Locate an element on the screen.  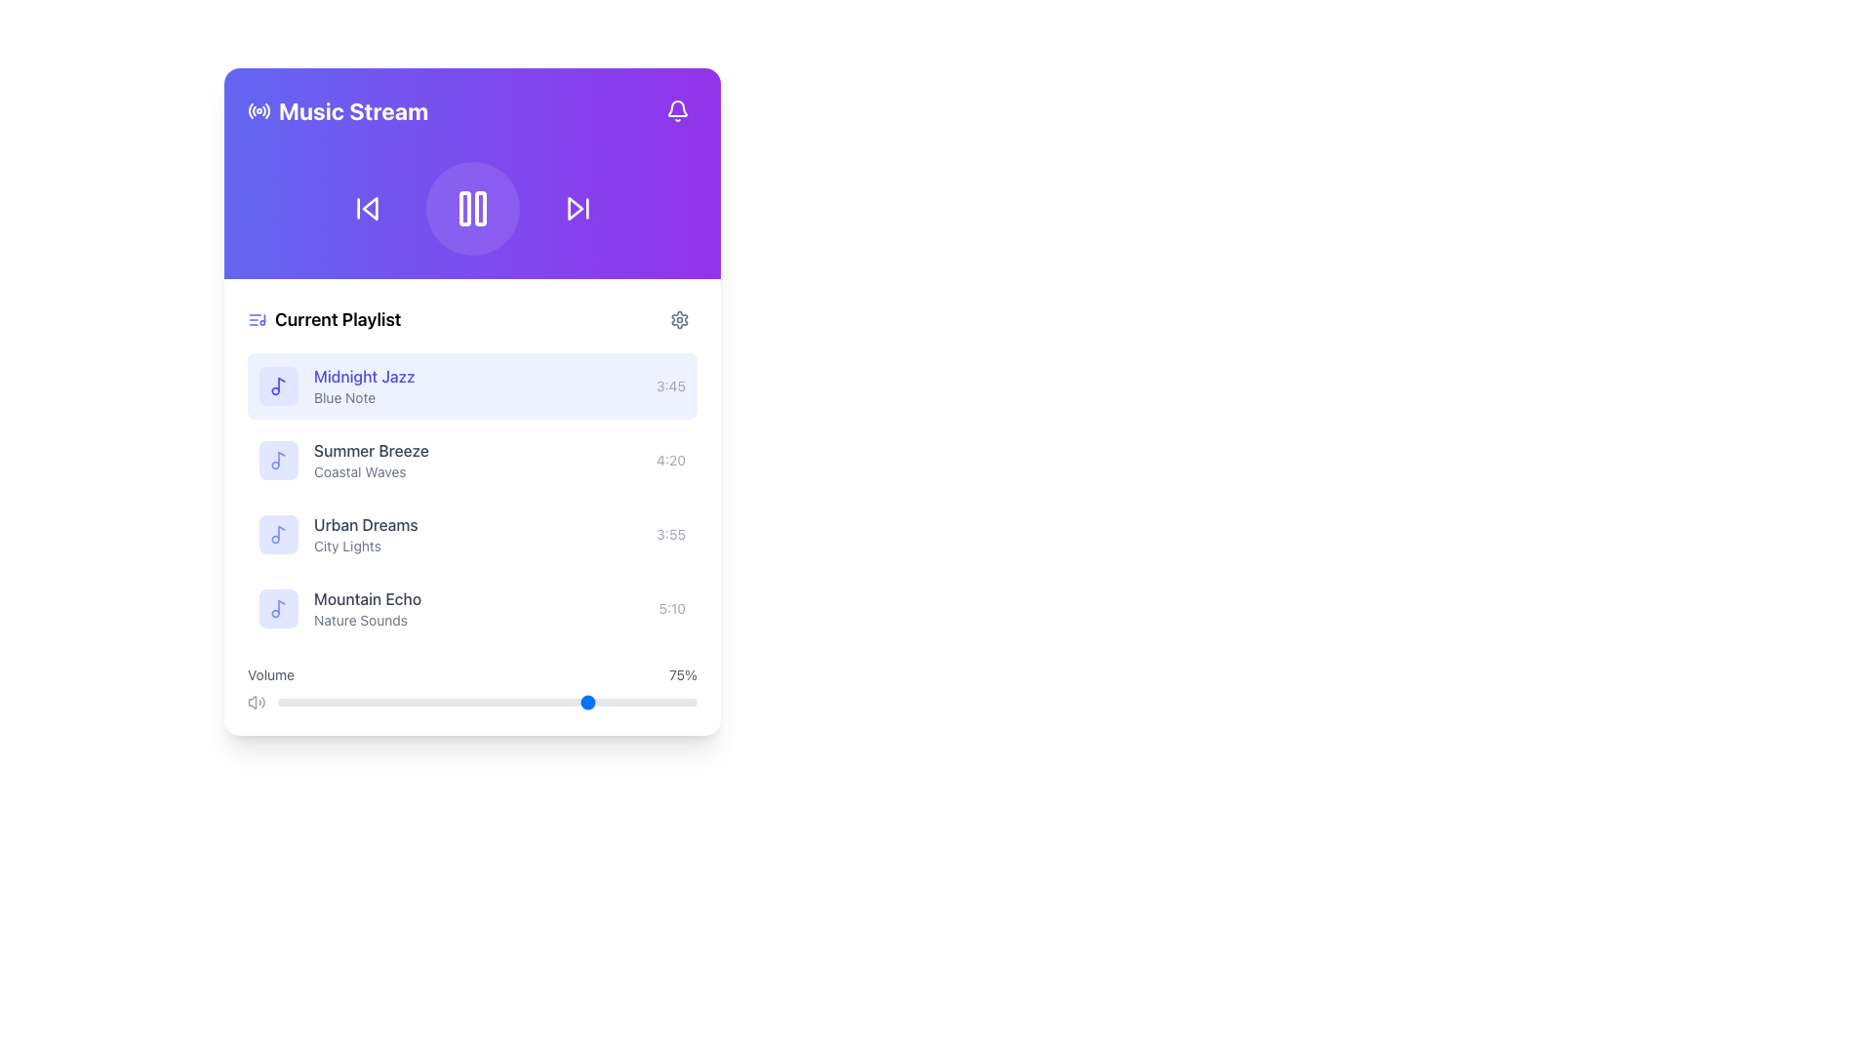
the bell-shaped icon located in the upper-right corner of the purple header section is located at coordinates (678, 111).